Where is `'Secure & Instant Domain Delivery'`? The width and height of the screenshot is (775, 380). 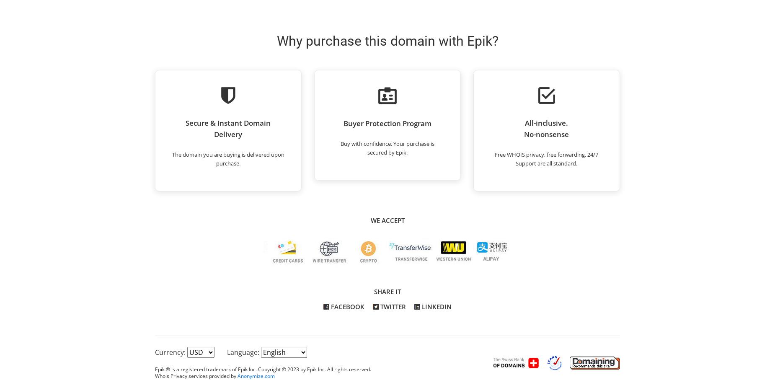
'Secure & Instant Domain Delivery' is located at coordinates (185, 128).